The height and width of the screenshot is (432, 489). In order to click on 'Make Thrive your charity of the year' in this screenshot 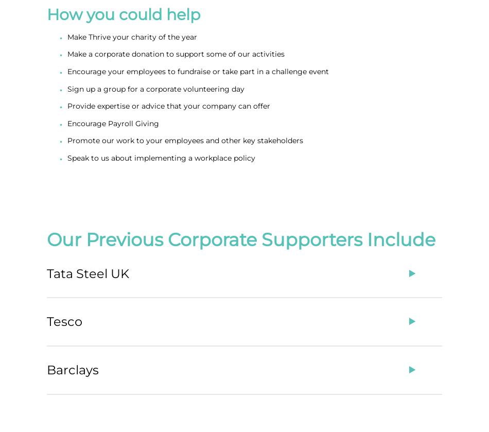, I will do `click(131, 36)`.